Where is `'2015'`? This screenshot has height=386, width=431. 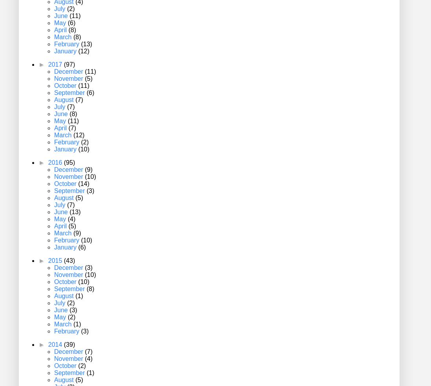
'2015' is located at coordinates (47, 260).